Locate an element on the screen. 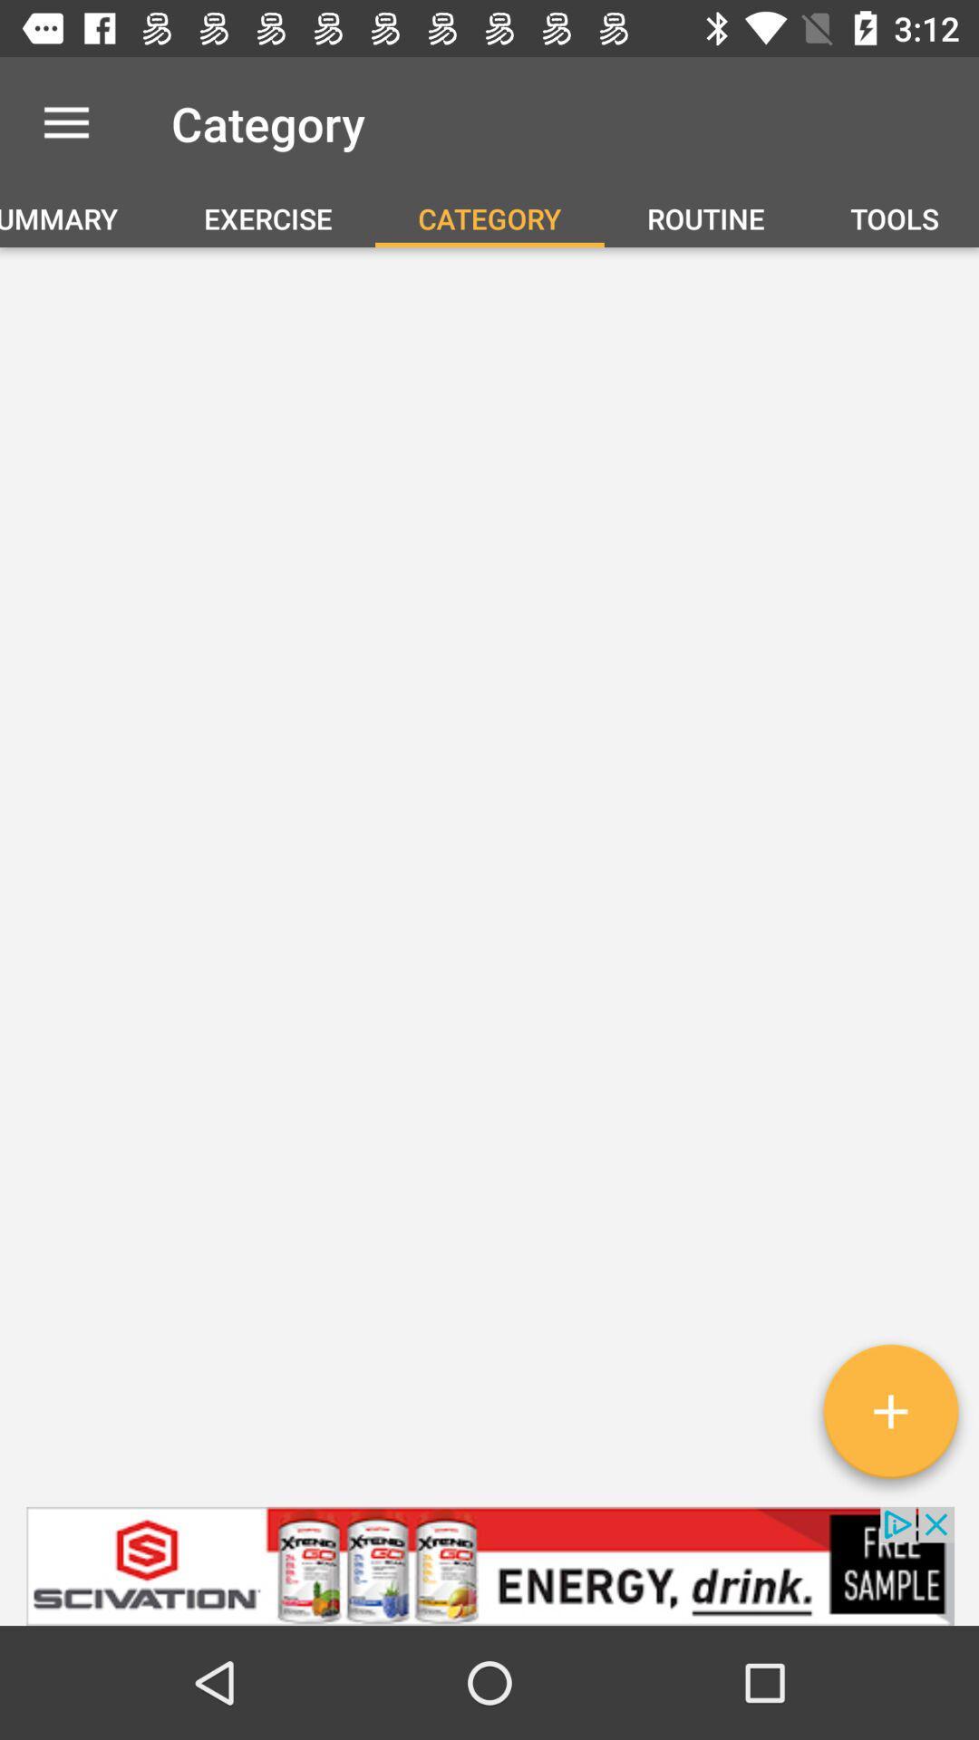 This screenshot has width=979, height=1740. the category is located at coordinates (889, 1417).